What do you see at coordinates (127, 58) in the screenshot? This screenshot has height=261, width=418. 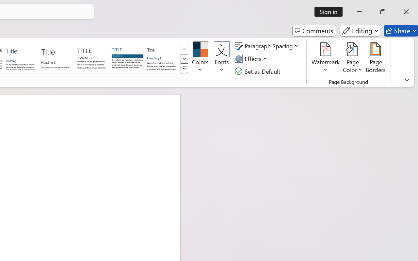 I see `'Shaded'` at bounding box center [127, 58].